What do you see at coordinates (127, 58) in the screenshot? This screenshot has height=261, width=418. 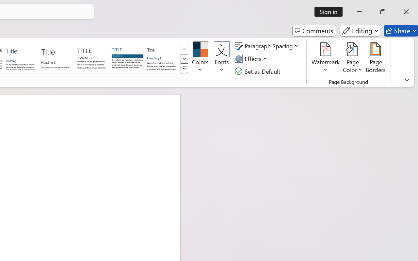 I see `'Shaded'` at bounding box center [127, 58].